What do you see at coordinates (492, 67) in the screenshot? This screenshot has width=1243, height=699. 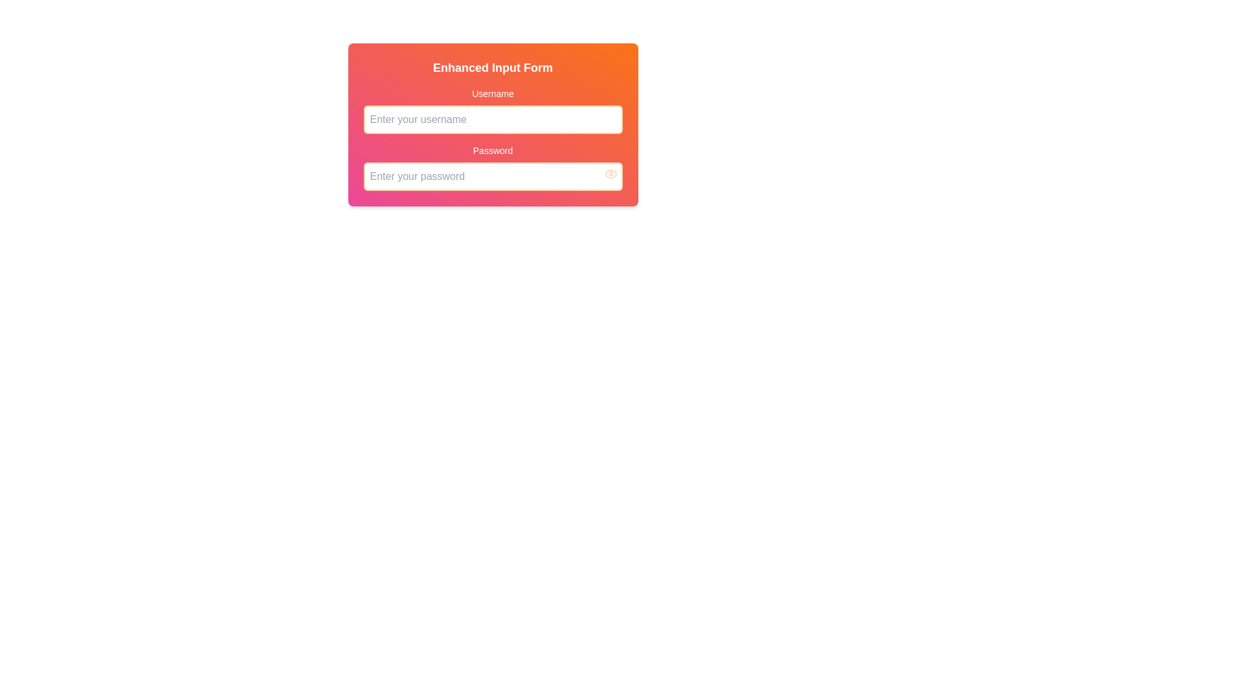 I see `the 'Enhanced Input Form' text block styled as a header` at bounding box center [492, 67].